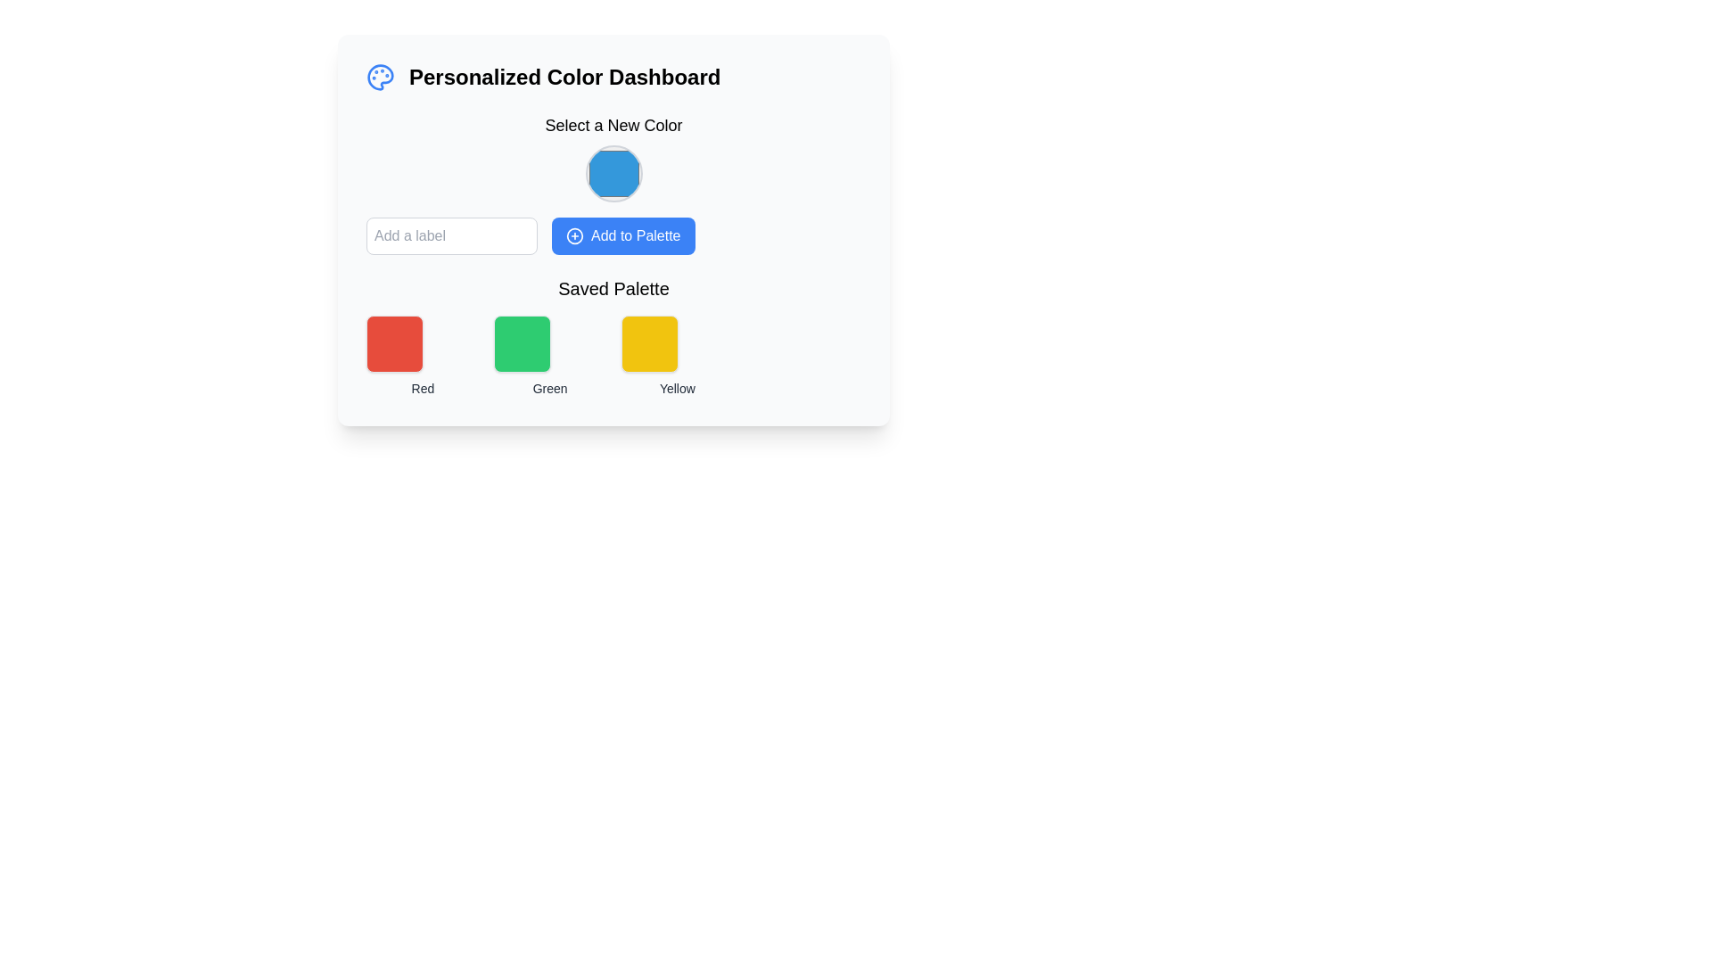  I want to click on the text label that identifies the red color swatch, so click(422, 387).